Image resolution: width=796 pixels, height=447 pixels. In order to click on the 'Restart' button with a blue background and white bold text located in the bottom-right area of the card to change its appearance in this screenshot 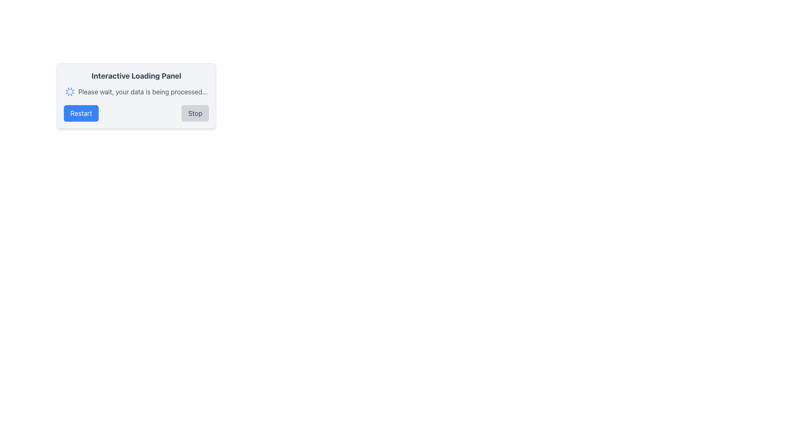, I will do `click(81, 113)`.